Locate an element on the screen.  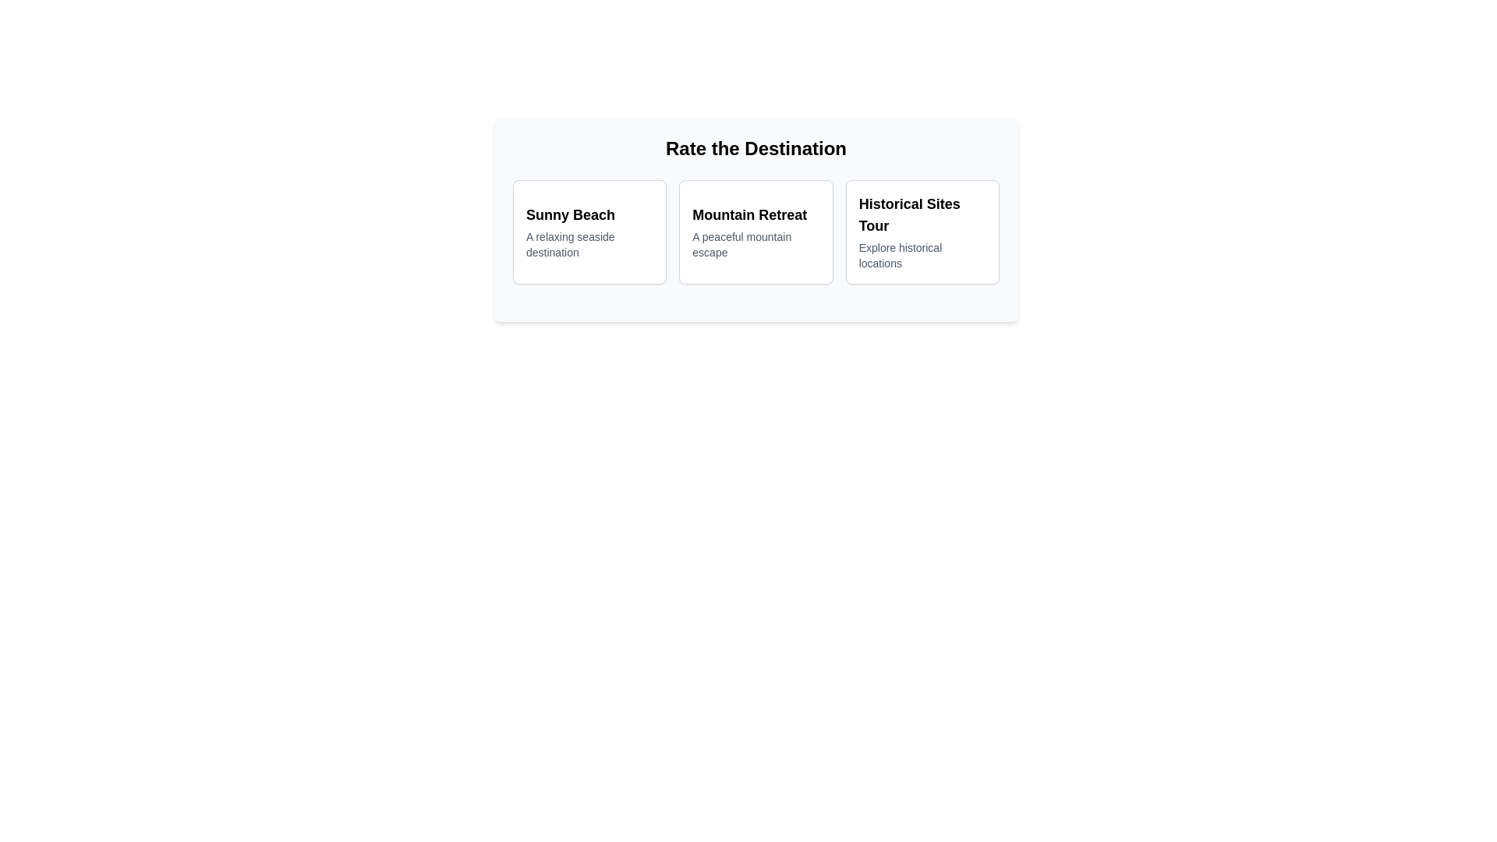
the second card in the 'Rate the Destination' section that displays information about the 'Mountain Retreat' destination is located at coordinates (756, 232).